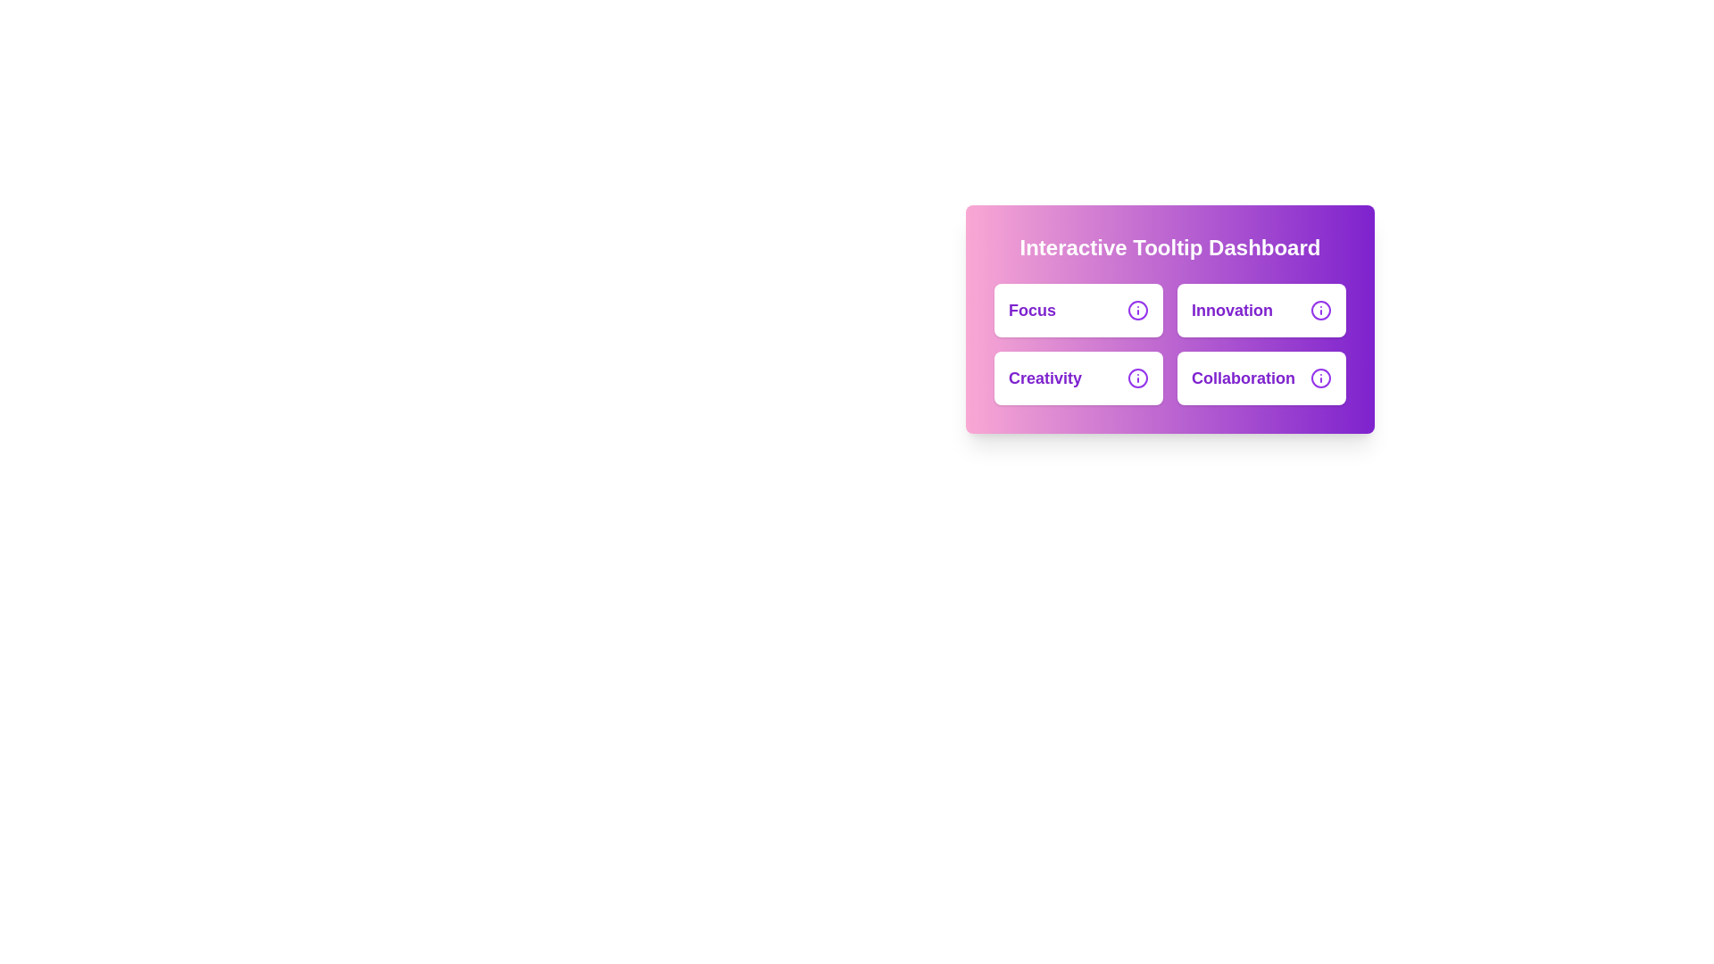 This screenshot has width=1714, height=964. What do you see at coordinates (1320, 378) in the screenshot?
I see `the circular info icon with a purple border and an 'i' in the center located in the bottom-right quadrant of the tooltip dashboard, to the right of the text 'Collaboration'` at bounding box center [1320, 378].